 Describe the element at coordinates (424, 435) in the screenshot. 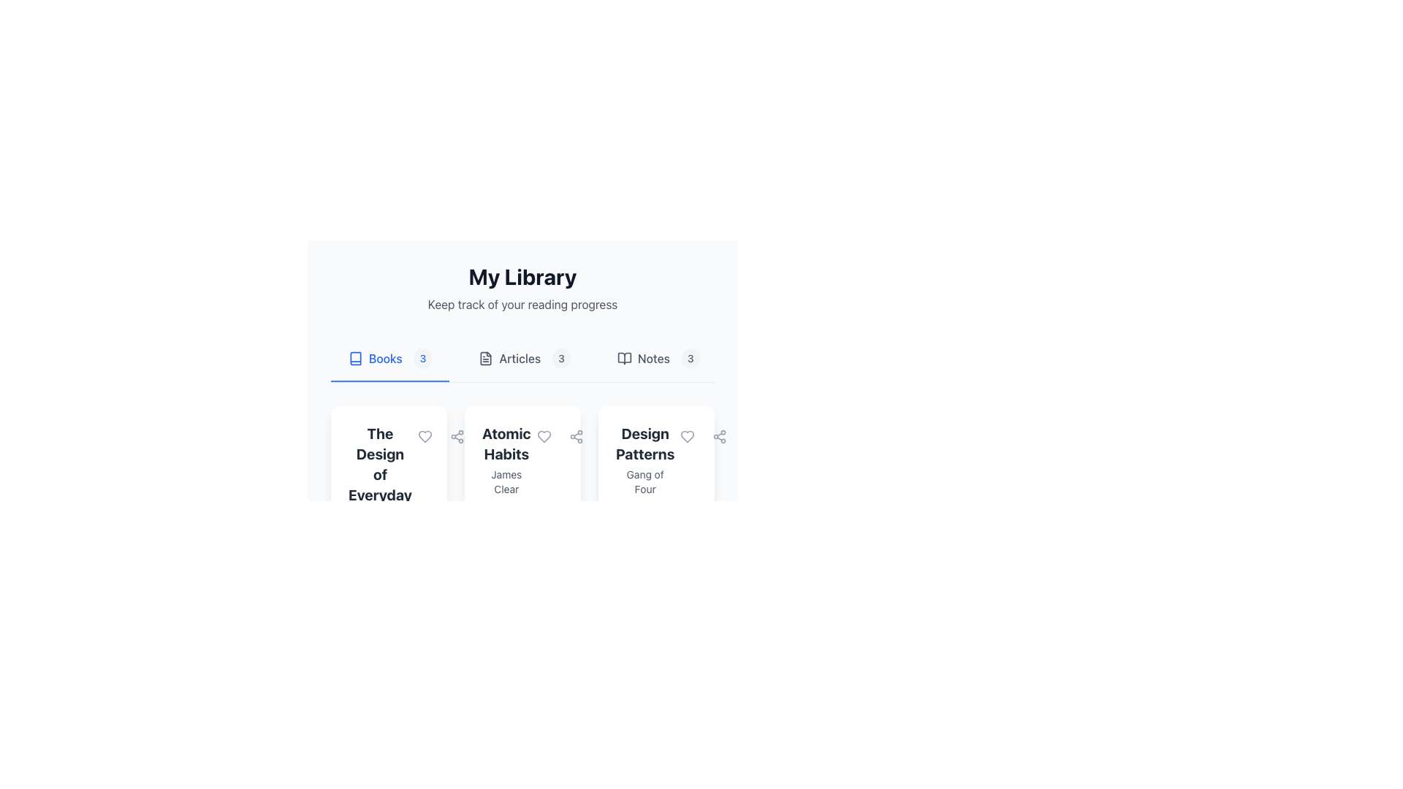

I see `the heart icon button located in the top-right section of the first book card under the 'Books' tab` at that location.